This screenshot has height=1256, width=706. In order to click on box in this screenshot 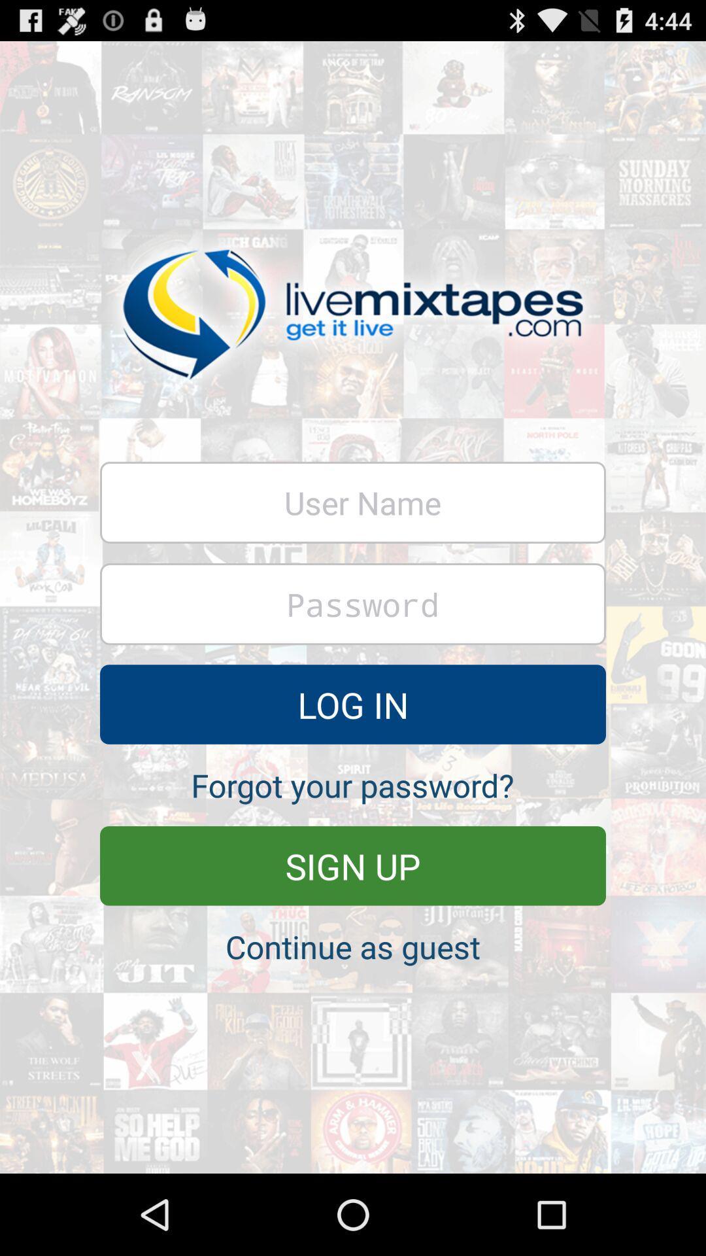, I will do `click(353, 502)`.